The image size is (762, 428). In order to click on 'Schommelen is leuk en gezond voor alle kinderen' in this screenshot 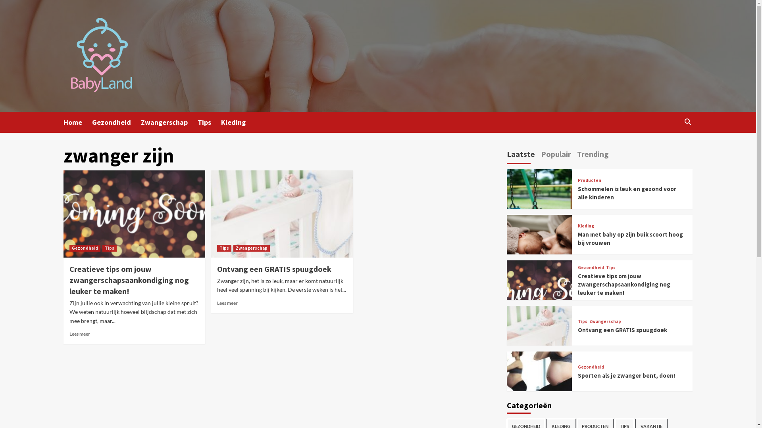, I will do `click(626, 193)`.